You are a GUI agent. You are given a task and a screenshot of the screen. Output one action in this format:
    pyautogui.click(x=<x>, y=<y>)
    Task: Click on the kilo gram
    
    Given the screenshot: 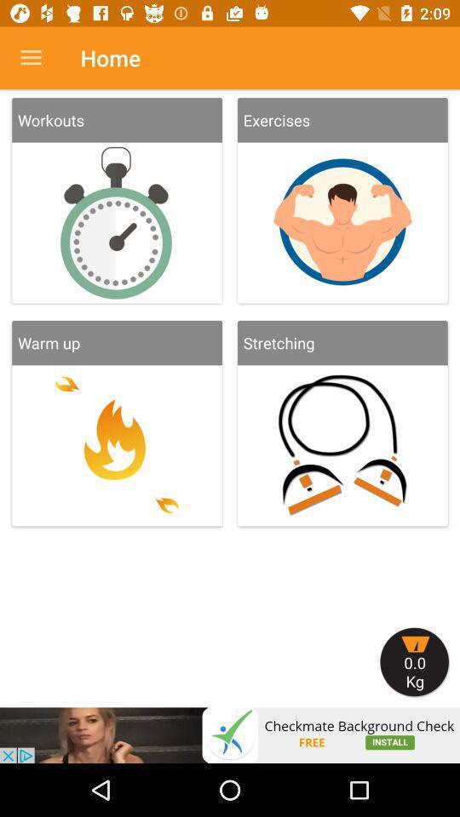 What is the action you would take?
    pyautogui.click(x=414, y=661)
    